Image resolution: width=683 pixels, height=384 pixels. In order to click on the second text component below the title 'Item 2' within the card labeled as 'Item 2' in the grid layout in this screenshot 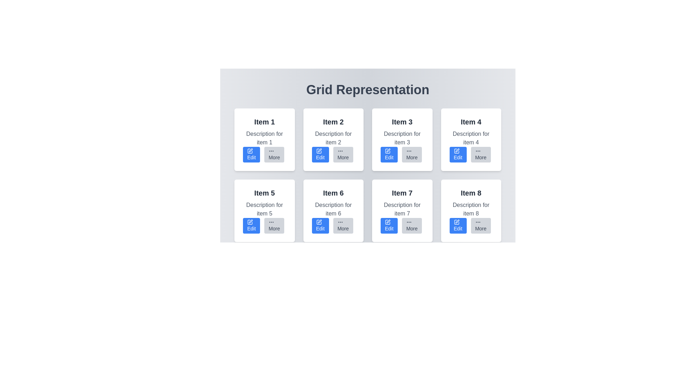, I will do `click(333, 138)`.